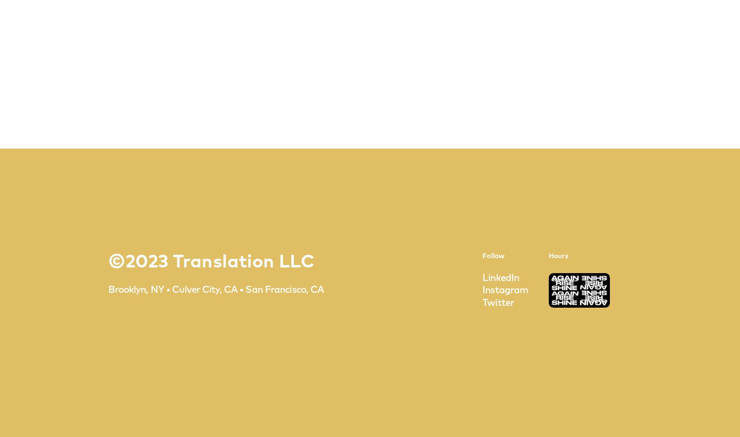  Describe the element at coordinates (369, 98) in the screenshot. I see `'CAREERS'` at that location.